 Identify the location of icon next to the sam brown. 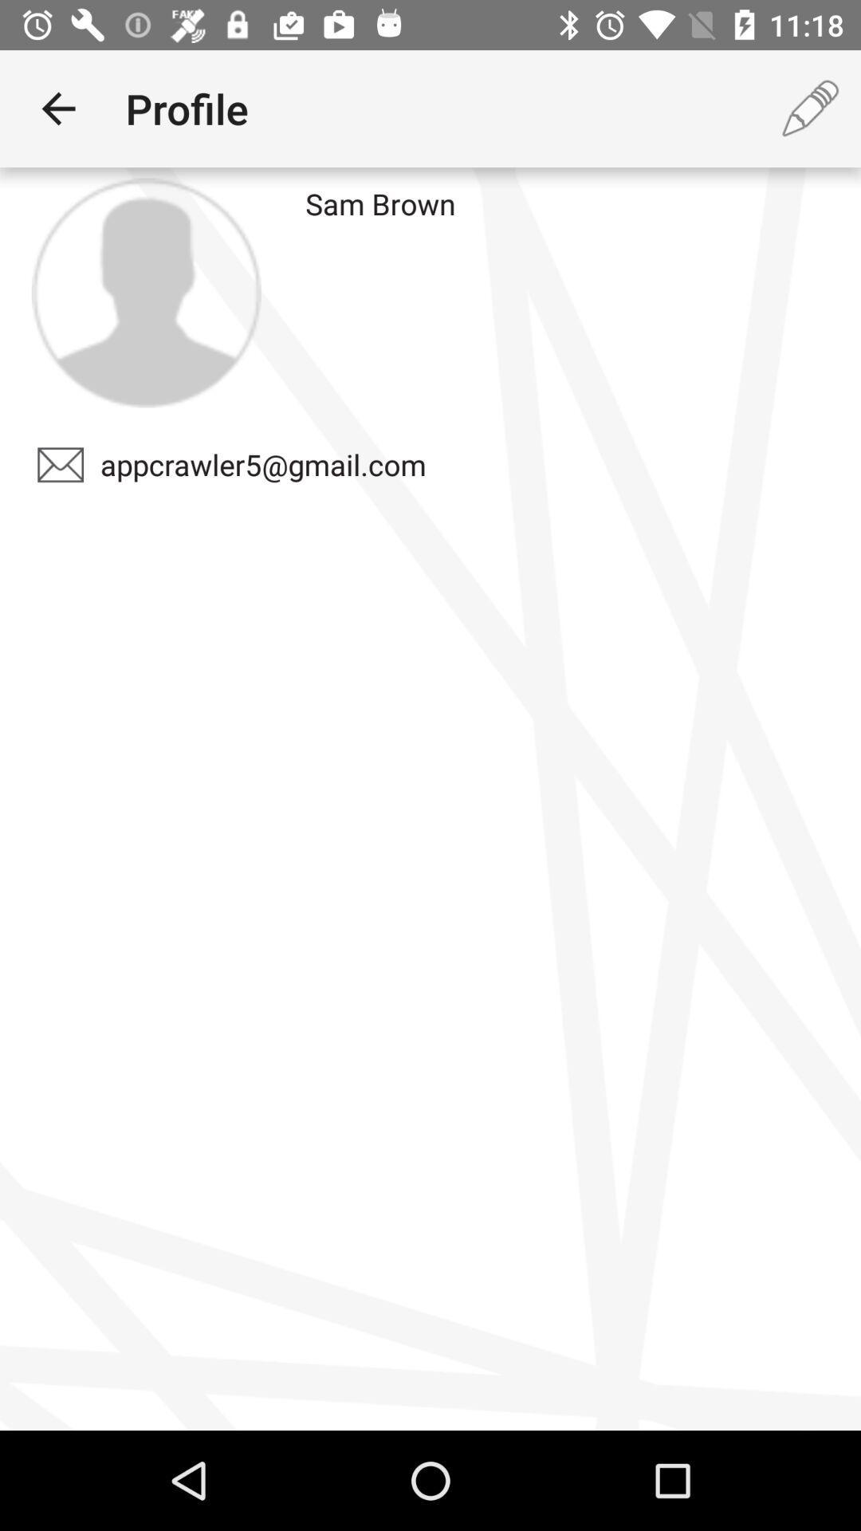
(811, 108).